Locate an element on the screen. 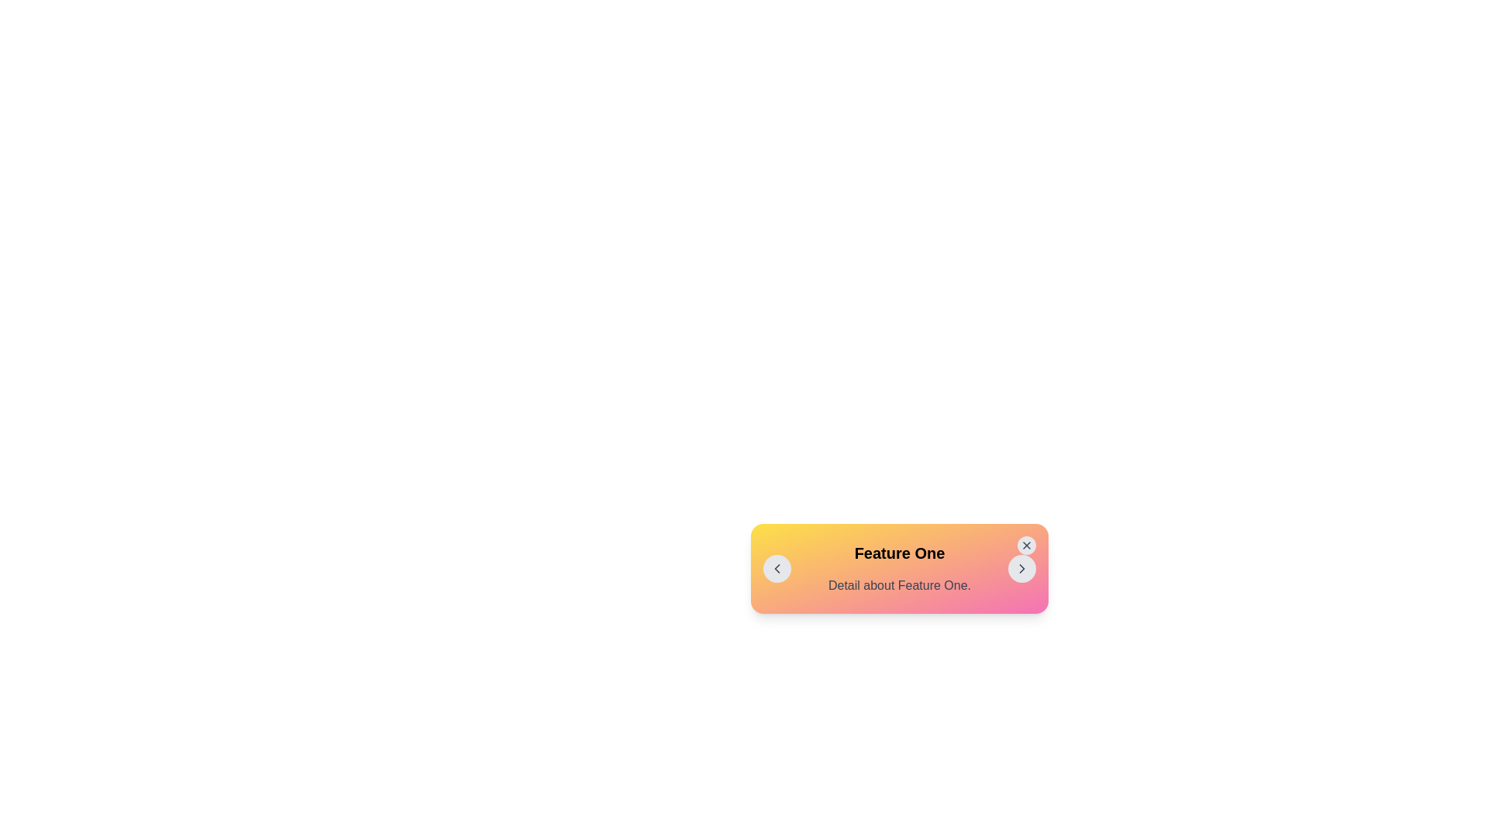 The width and height of the screenshot is (1488, 837). the arrow icon in the minimalistic circular button on the right side of the 'Feature One' section is located at coordinates (1022, 568).